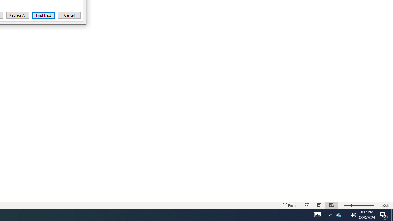 This screenshot has height=221, width=393. What do you see at coordinates (317, 214) in the screenshot?
I see `'AutomationID: 4105'` at bounding box center [317, 214].